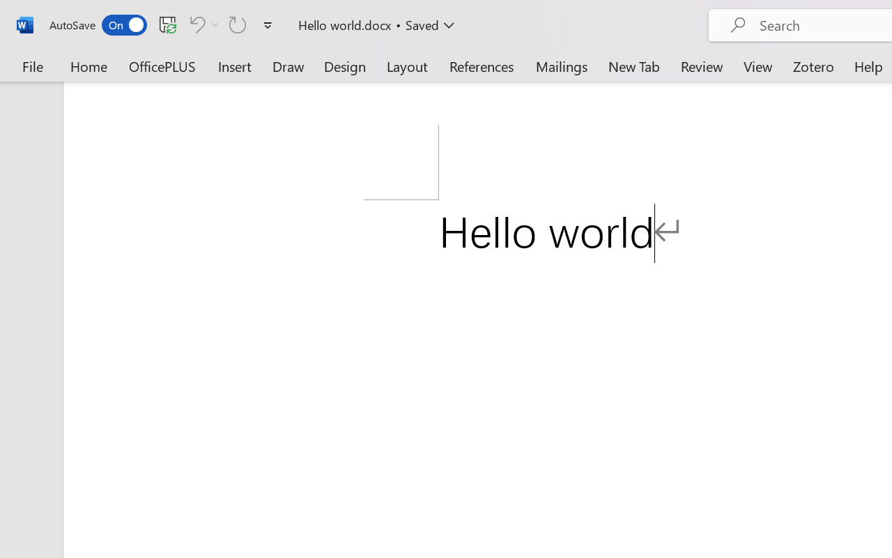 The width and height of the screenshot is (892, 558). I want to click on 'References', so click(482, 66).